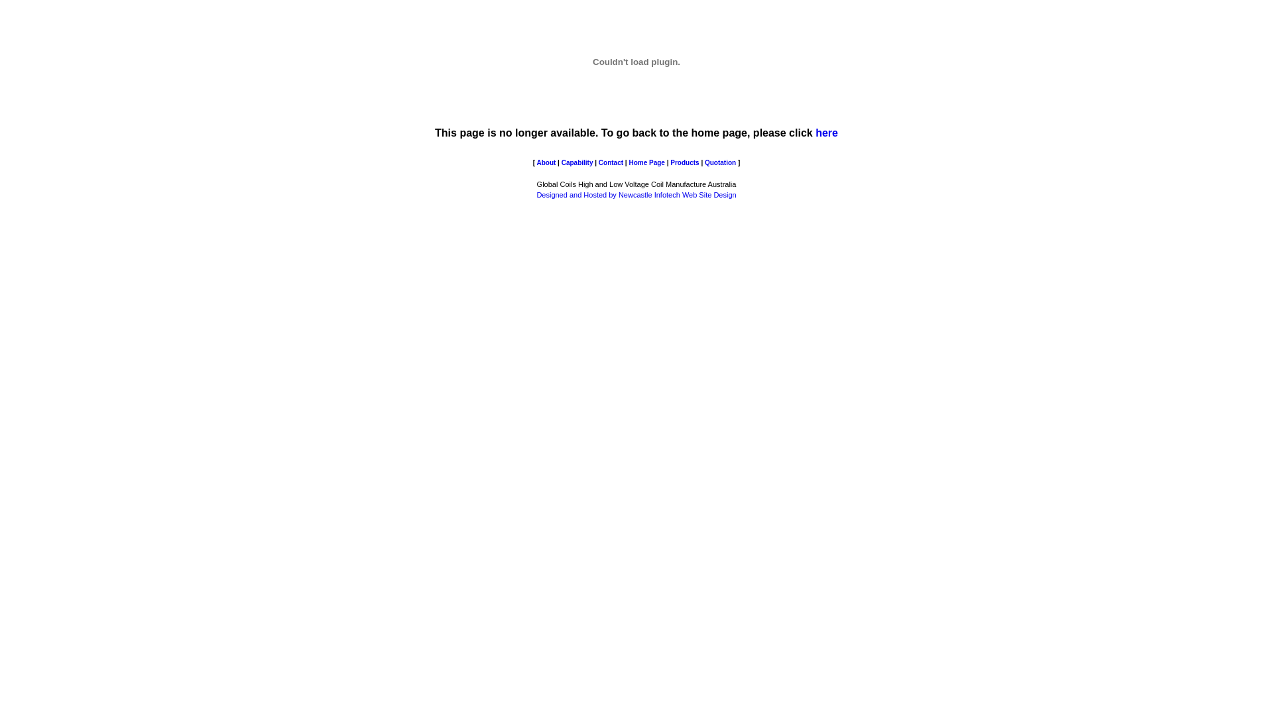 This screenshot has width=1273, height=716. I want to click on 'Quotation', so click(719, 162).